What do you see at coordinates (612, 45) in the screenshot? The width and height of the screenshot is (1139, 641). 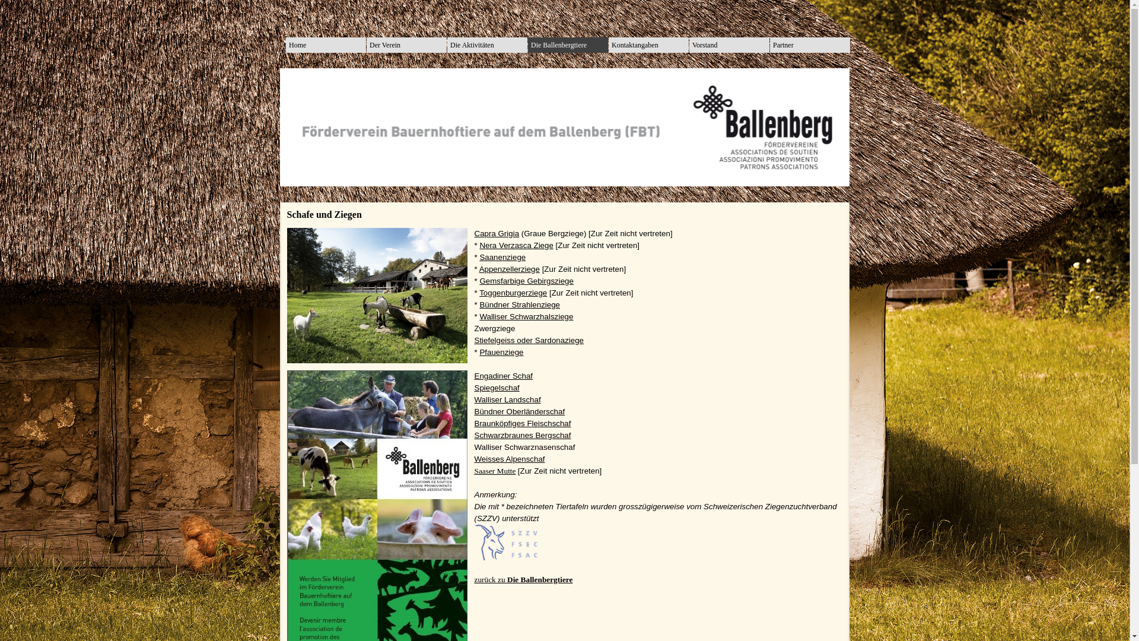 I see `'Kontaktangaben'` at bounding box center [612, 45].